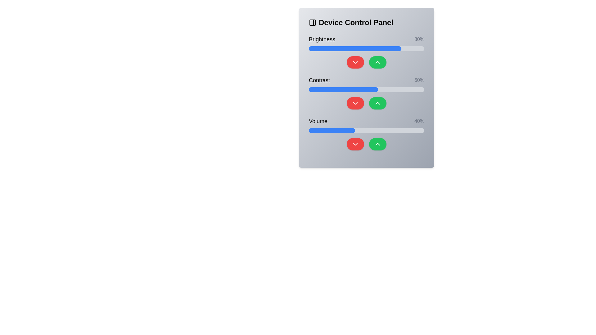 The image size is (596, 335). What do you see at coordinates (359, 130) in the screenshot?
I see `the progress of the slider` at bounding box center [359, 130].